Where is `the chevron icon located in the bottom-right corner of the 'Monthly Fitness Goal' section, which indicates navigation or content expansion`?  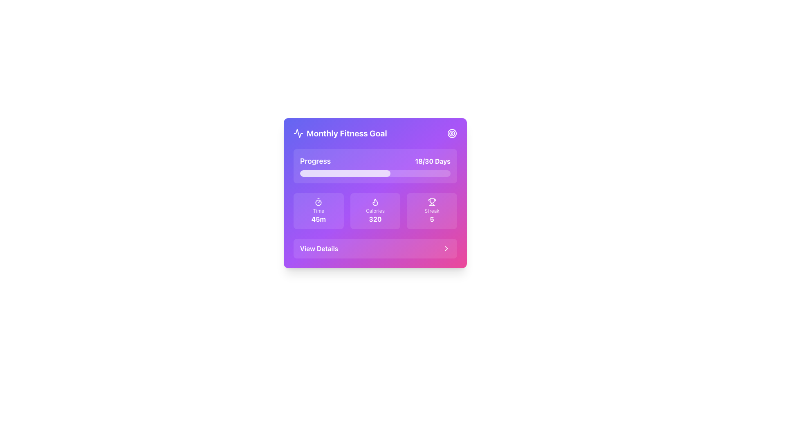
the chevron icon located in the bottom-right corner of the 'Monthly Fitness Goal' section, which indicates navigation or content expansion is located at coordinates (446, 248).